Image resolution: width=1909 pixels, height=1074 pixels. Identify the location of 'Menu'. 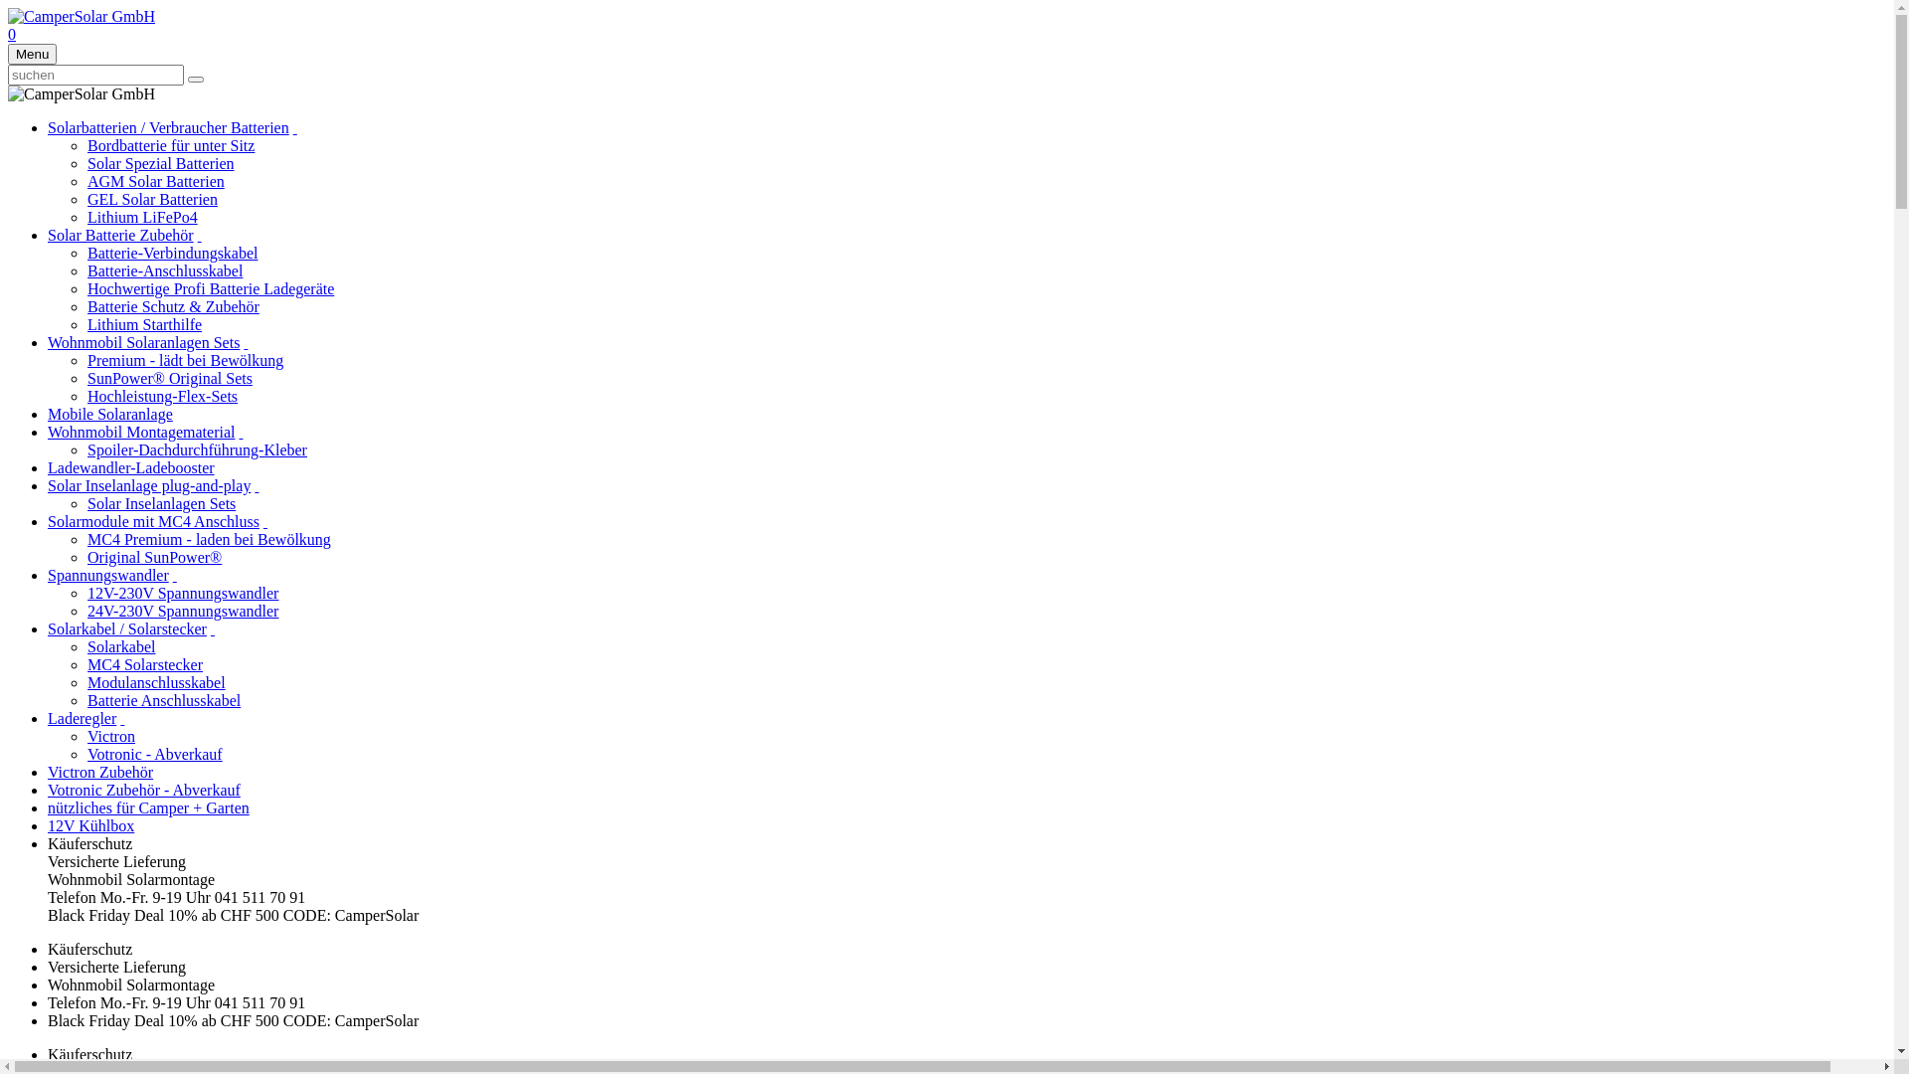
(8, 53).